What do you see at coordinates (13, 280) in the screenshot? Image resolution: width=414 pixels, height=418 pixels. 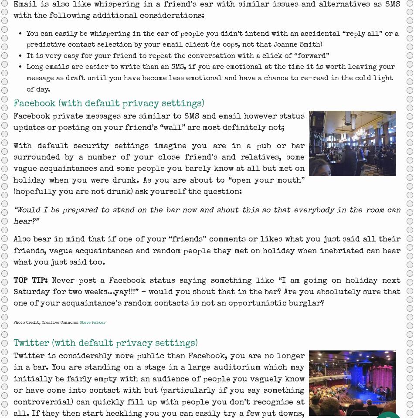 I see `'TOP TIP:'` at bounding box center [13, 280].